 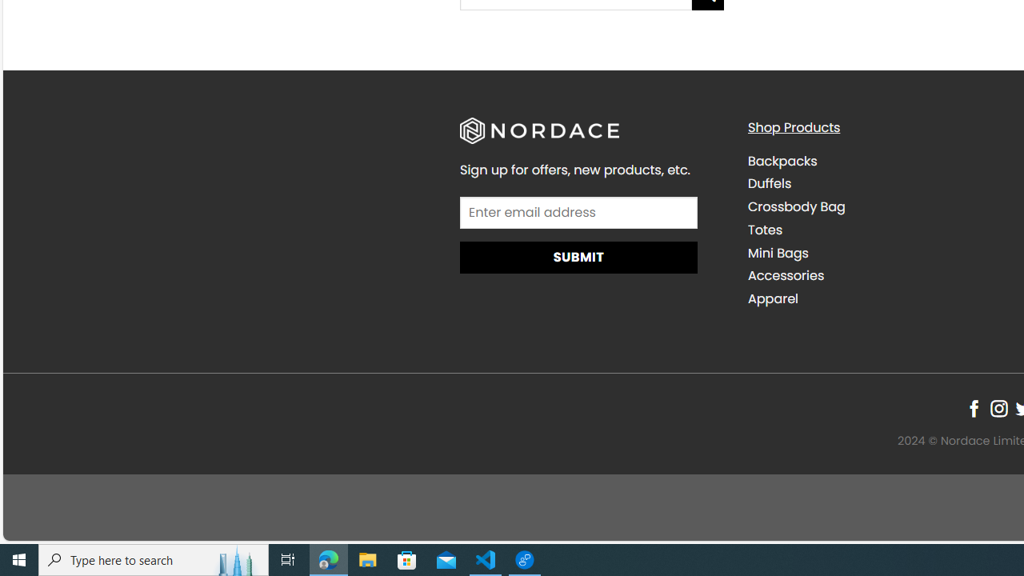 What do you see at coordinates (769, 183) in the screenshot?
I see `'Duffels'` at bounding box center [769, 183].